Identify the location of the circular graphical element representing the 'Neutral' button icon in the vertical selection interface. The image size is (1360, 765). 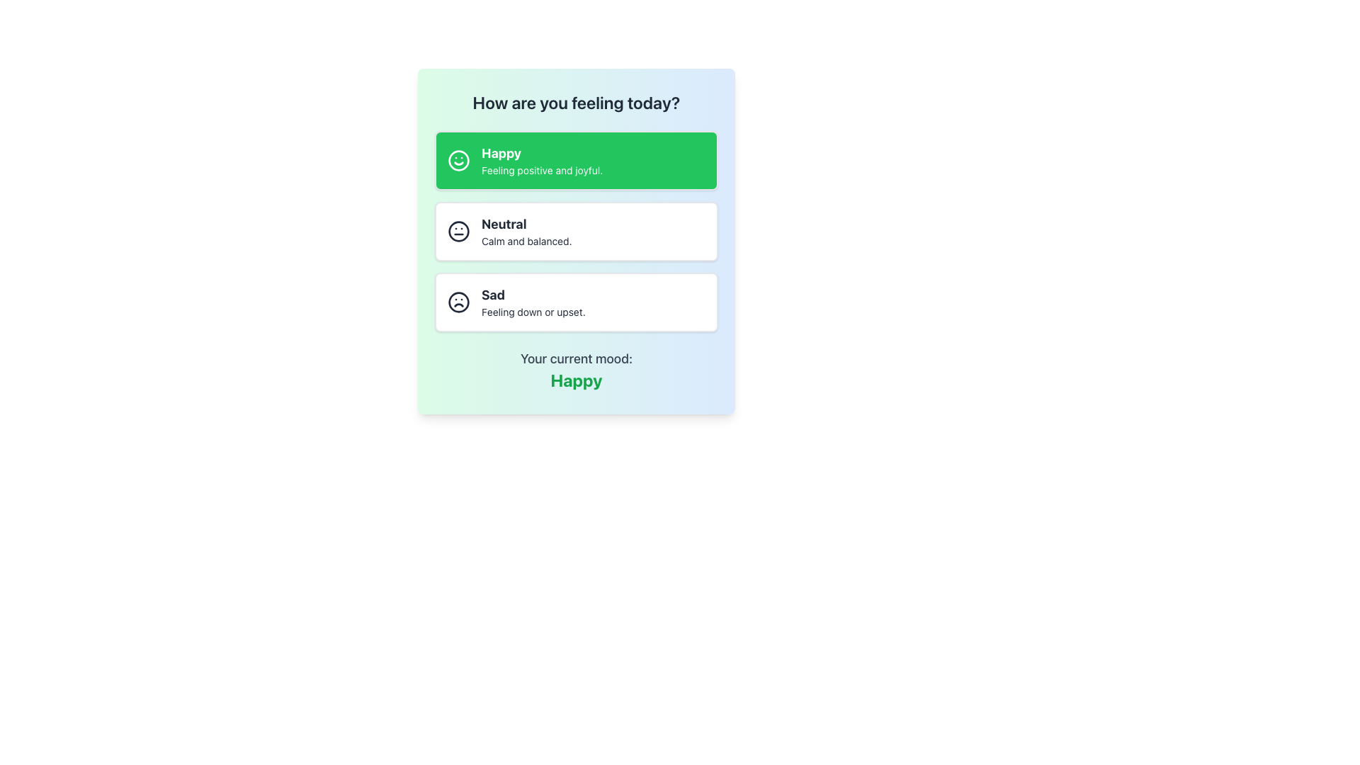
(459, 231).